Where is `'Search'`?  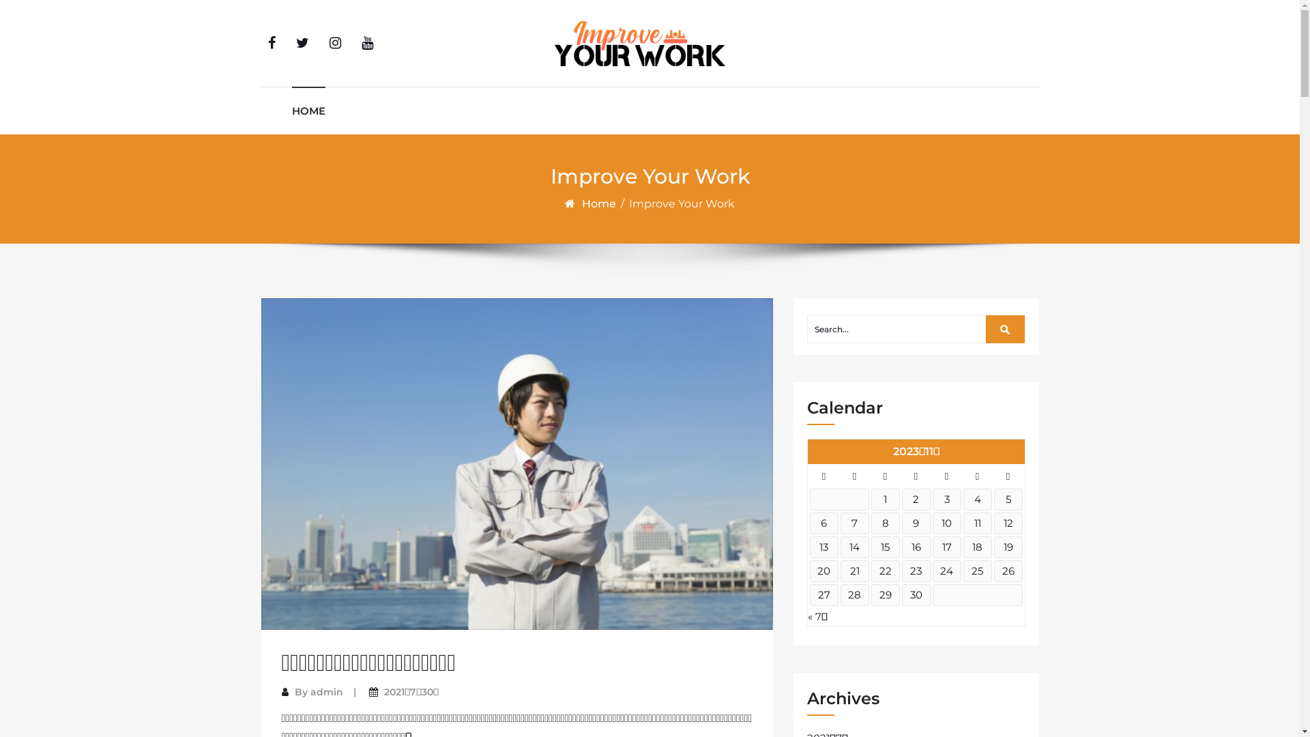 'Search' is located at coordinates (1005, 329).